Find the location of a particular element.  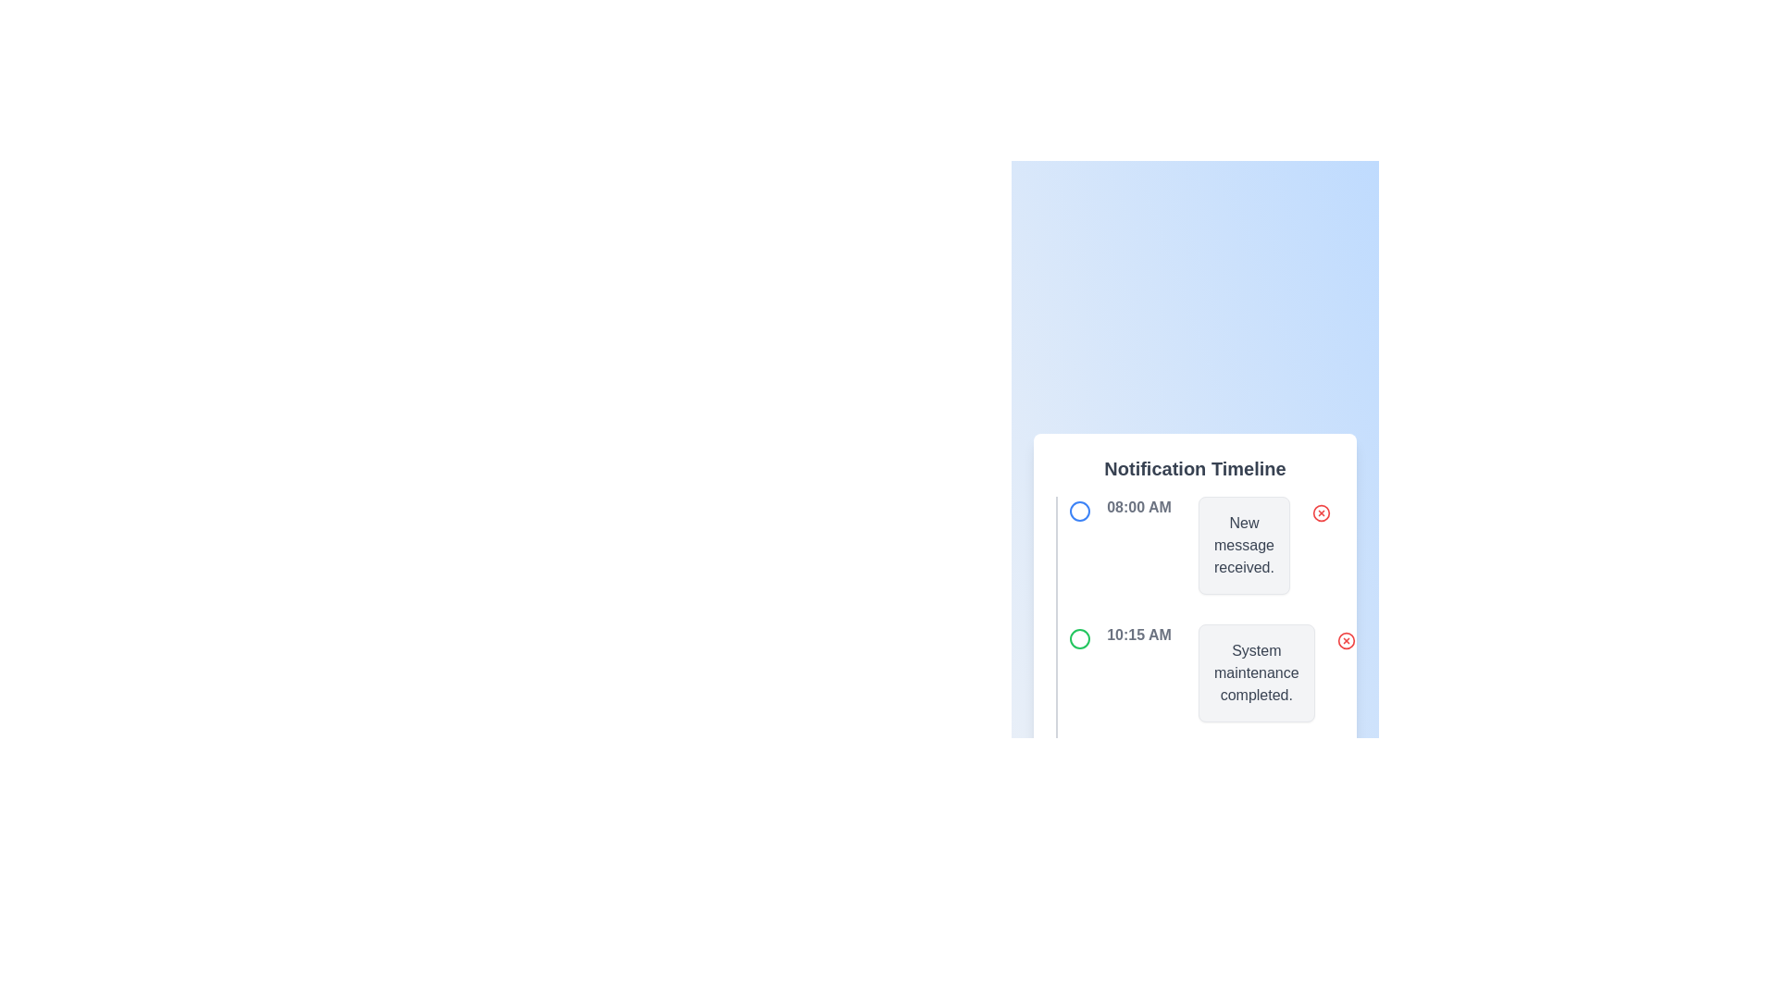

the Icon component located within the notification card, which indicates an action or state related to the 'New message received' text is located at coordinates (1320, 513).